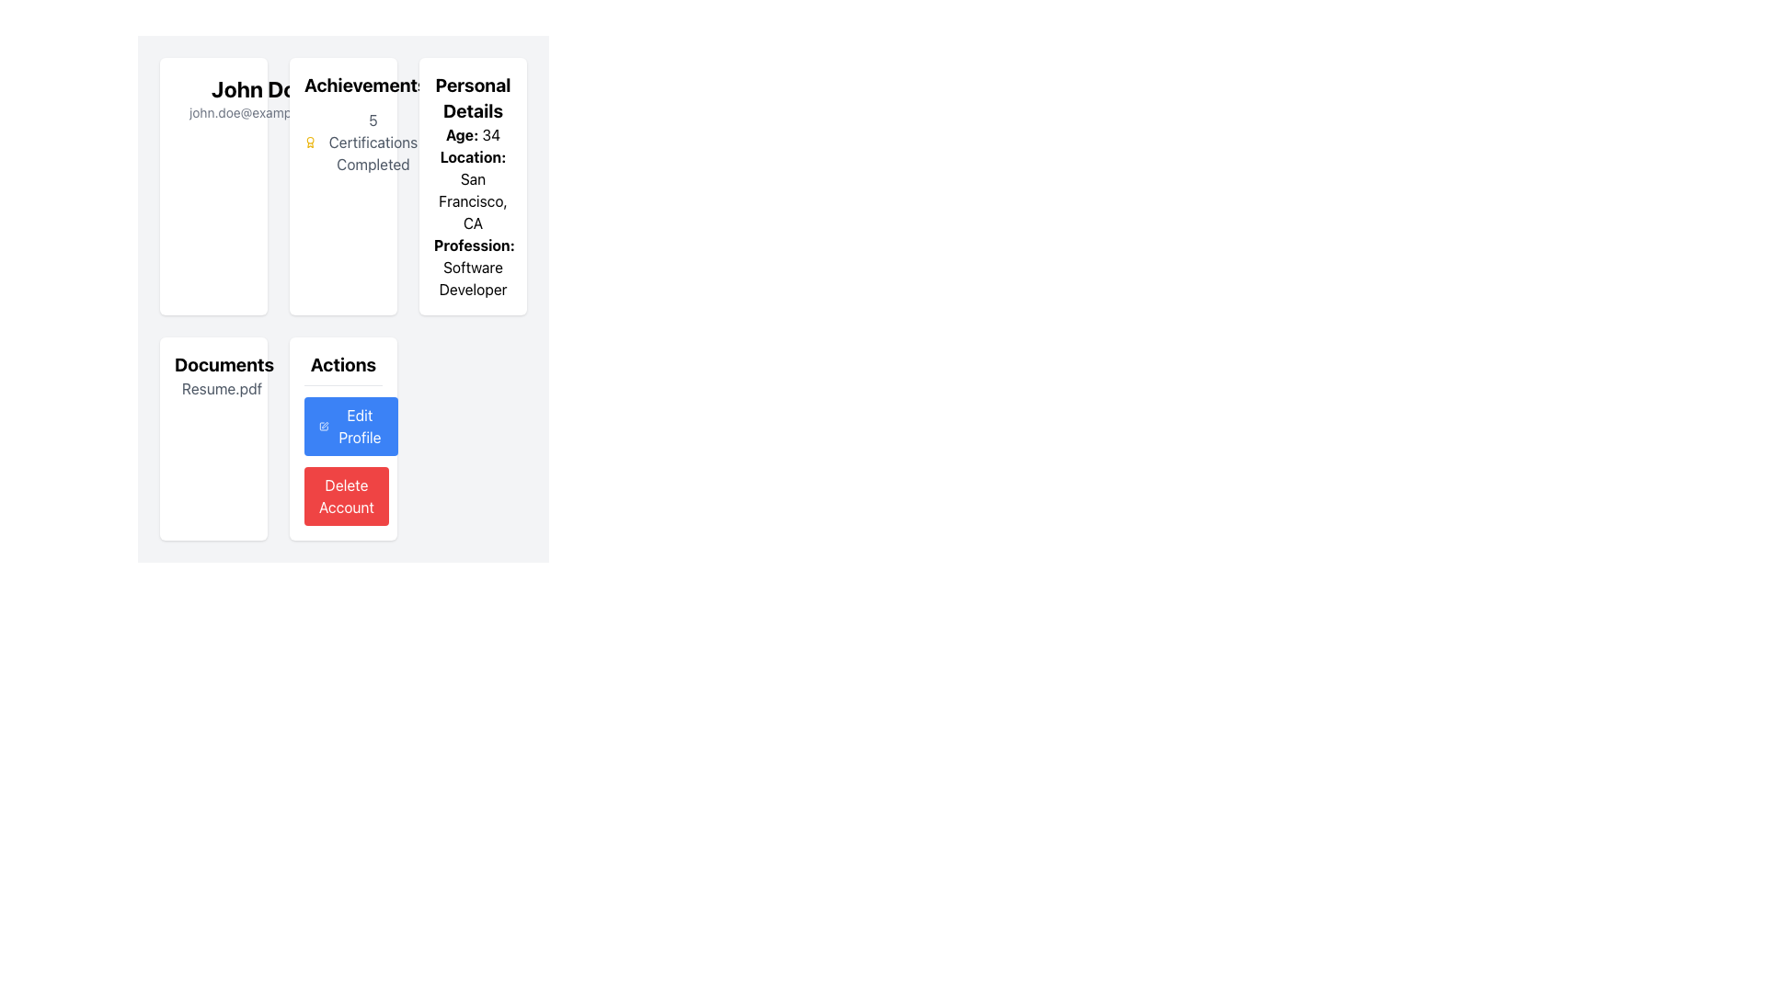 The height and width of the screenshot is (993, 1766). I want to click on the text label reading 'Profession:' which is styled in bold and located in the 'Personal Details' section, near the center-right of the interface, so click(474, 244).